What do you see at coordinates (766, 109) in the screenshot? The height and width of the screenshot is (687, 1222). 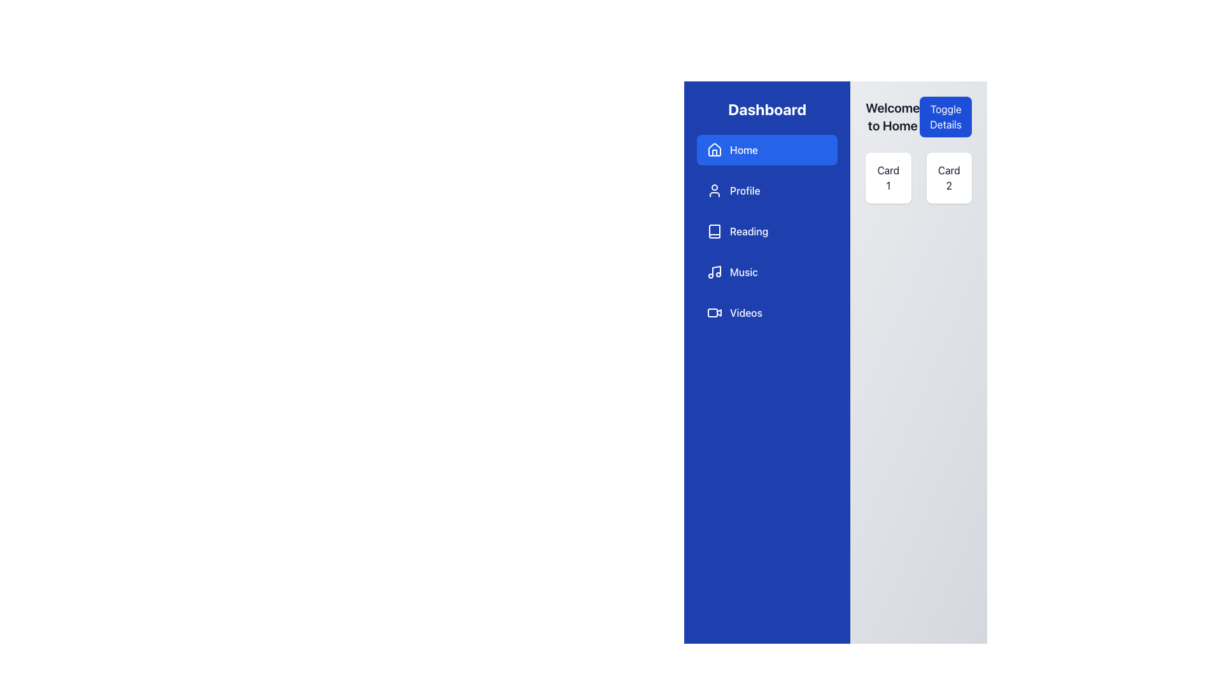 I see `the Text Label that serves as the title for the navigation menu indicating the Dashboard section, located at the top of the vertical navigation menu` at bounding box center [766, 109].